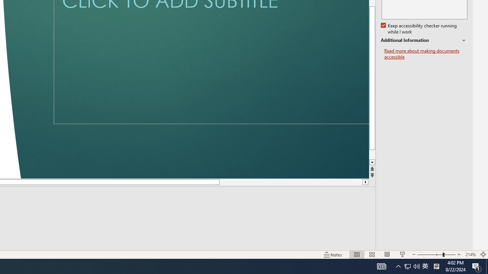 The image size is (488, 274). What do you see at coordinates (419, 29) in the screenshot?
I see `'Keep accessibility checker running while I work'` at bounding box center [419, 29].